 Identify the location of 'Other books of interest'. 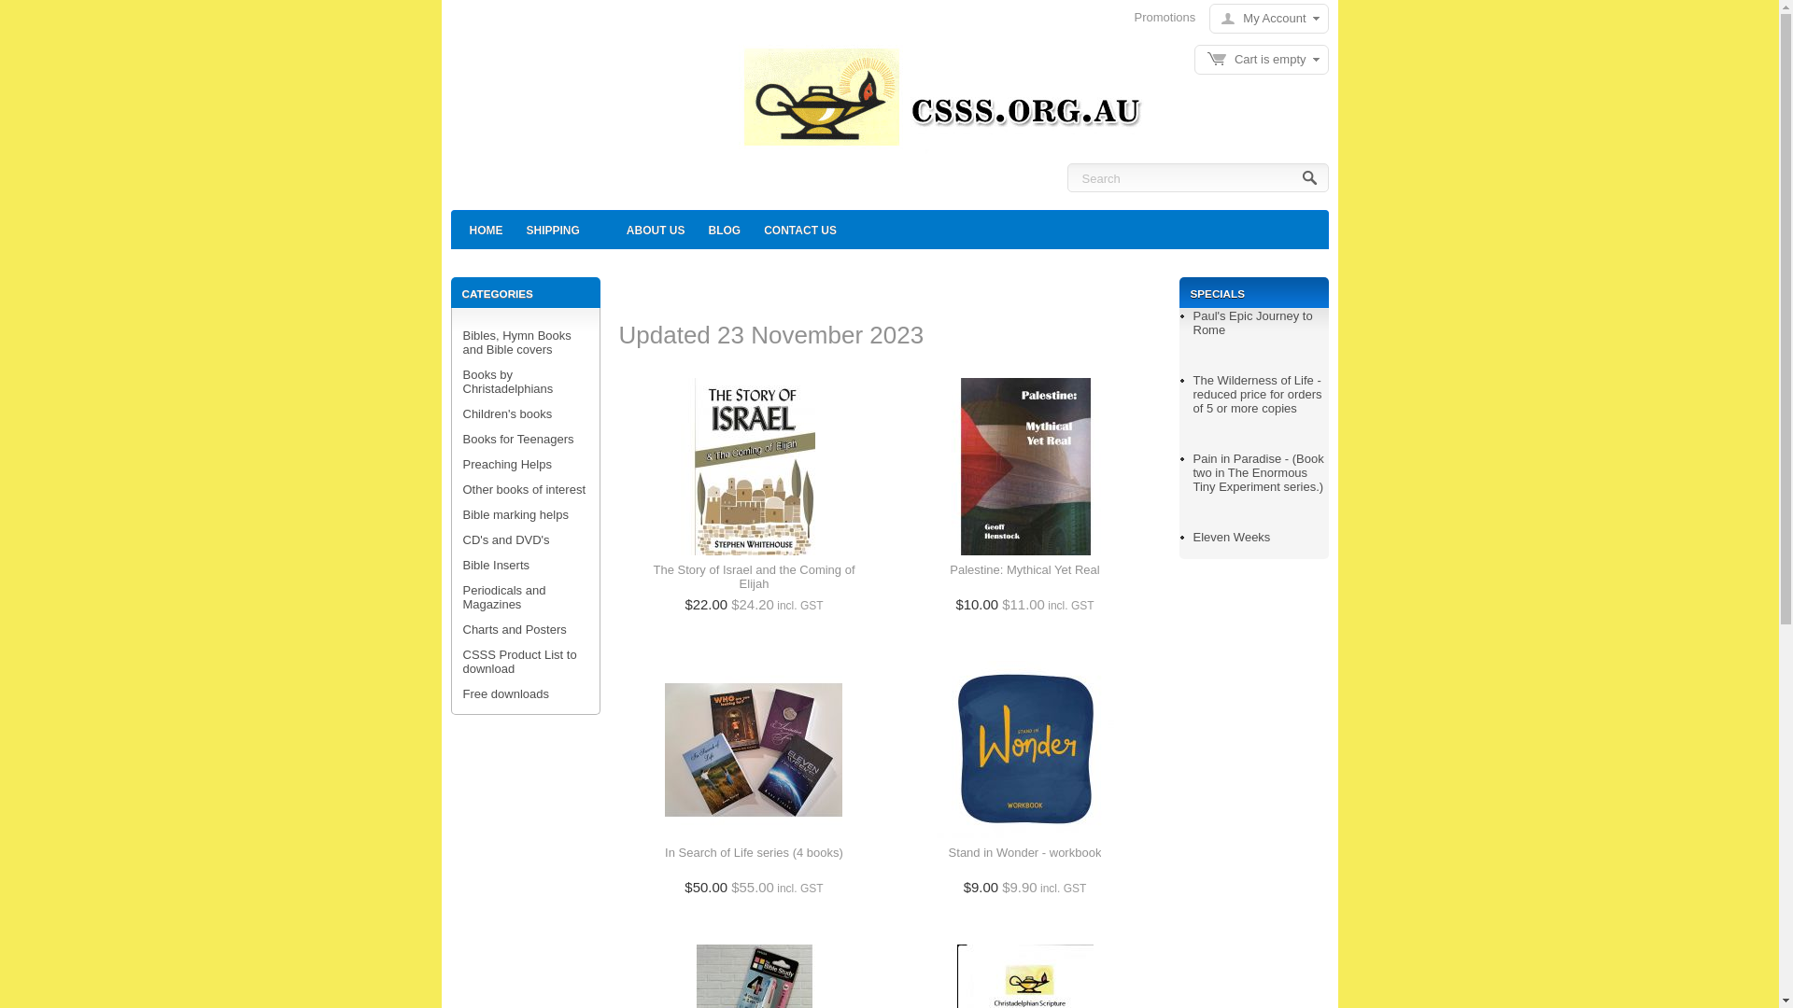
(523, 488).